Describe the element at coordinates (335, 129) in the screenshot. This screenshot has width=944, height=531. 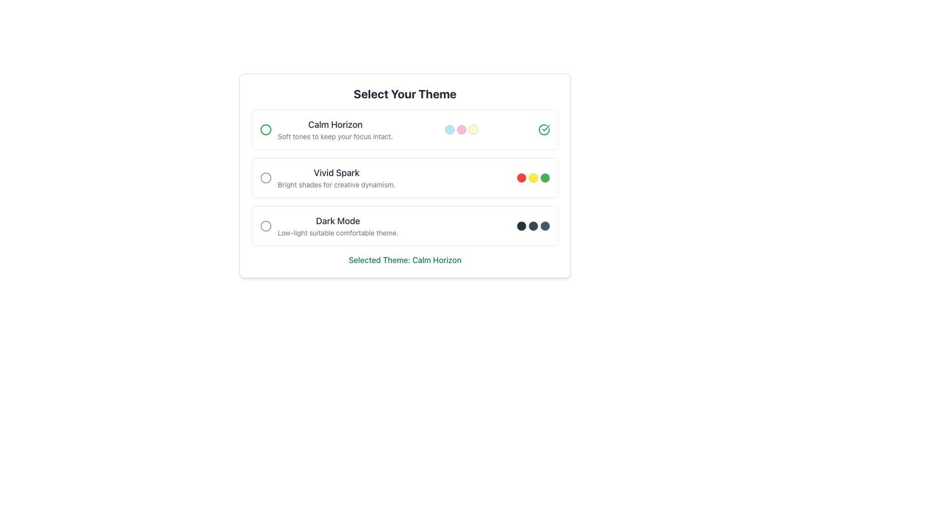
I see `the selectable theme option named 'Calm Horizon' in the theme selection menu, which is the first option in the list and positioned centrally below the heading 'Select Your Theme.'` at that location.